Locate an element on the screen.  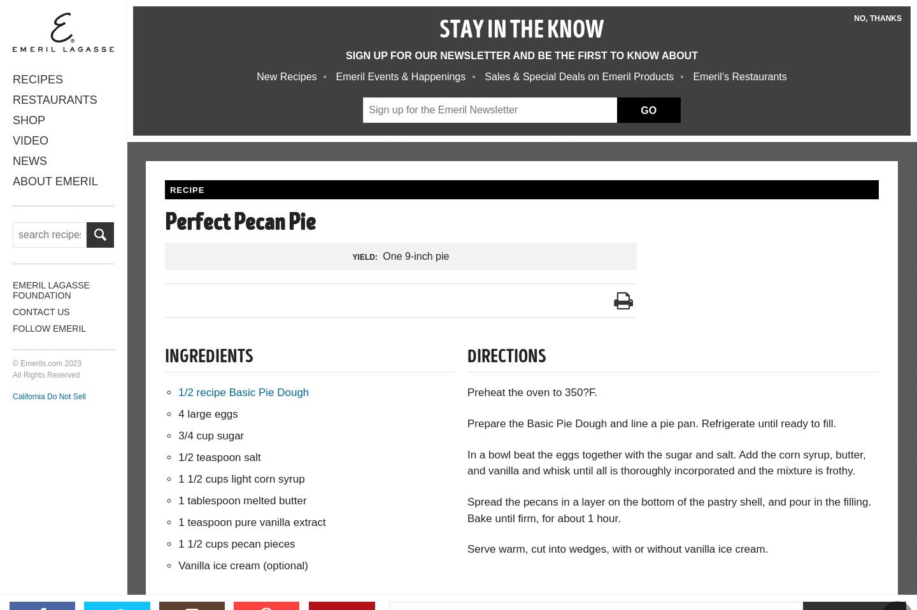
'Video' is located at coordinates (12, 139).